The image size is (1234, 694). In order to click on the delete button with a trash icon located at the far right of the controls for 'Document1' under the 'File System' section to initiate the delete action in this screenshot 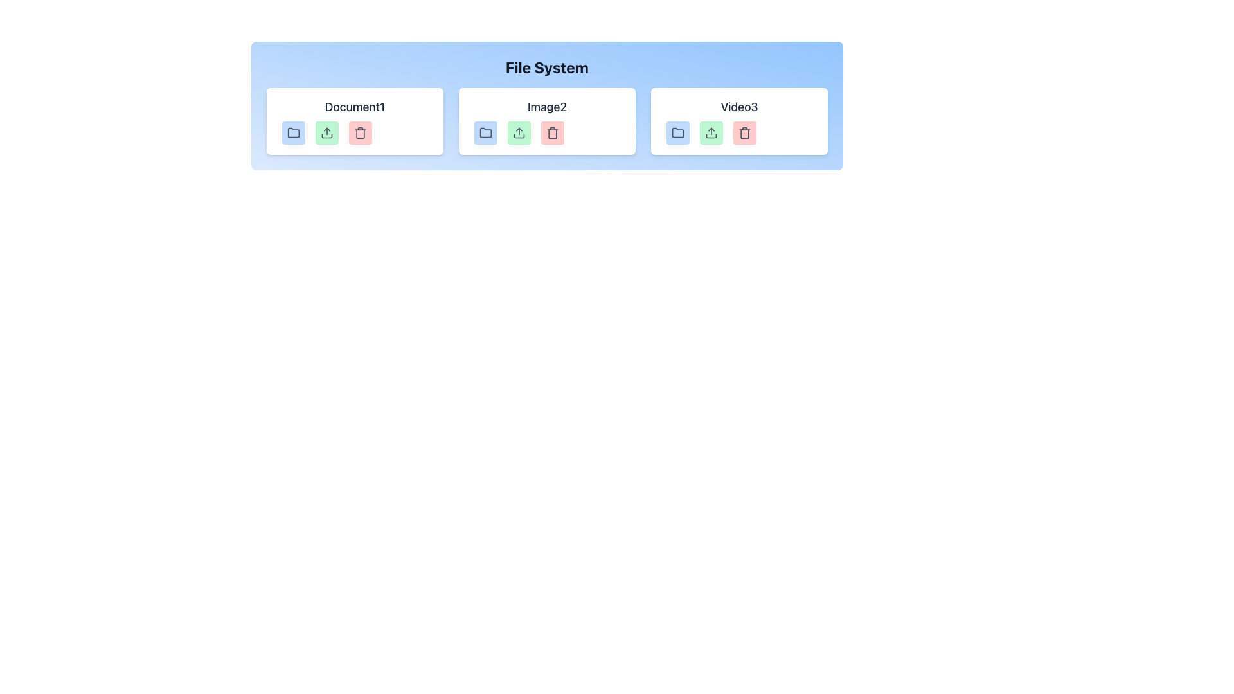, I will do `click(360, 133)`.